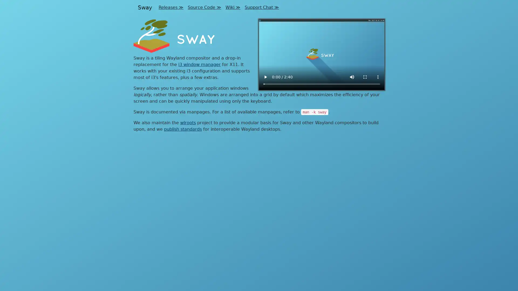  I want to click on show more media controls, so click(378, 77).